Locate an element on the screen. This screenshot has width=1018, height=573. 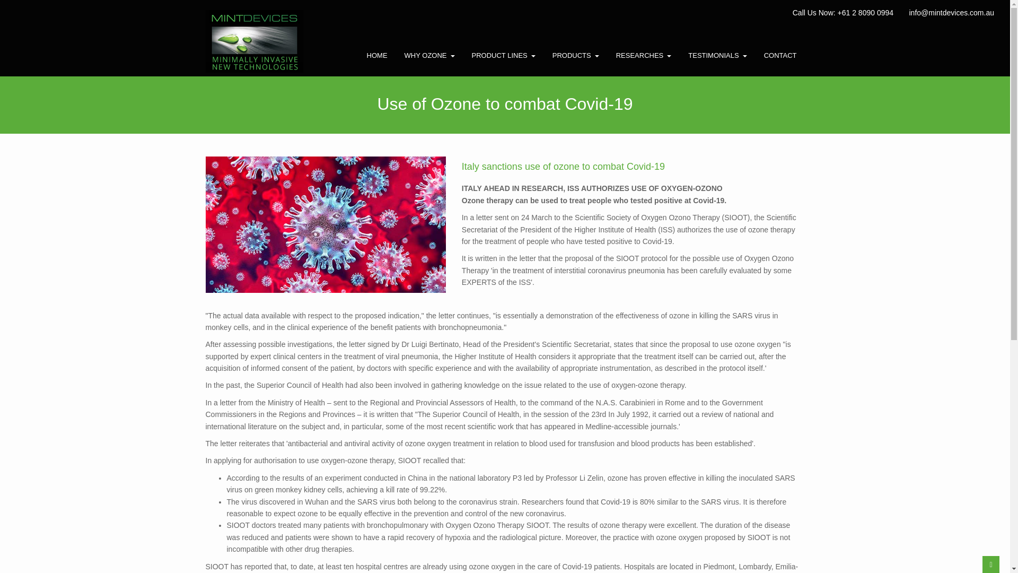
'CONTACT' is located at coordinates (780, 56).